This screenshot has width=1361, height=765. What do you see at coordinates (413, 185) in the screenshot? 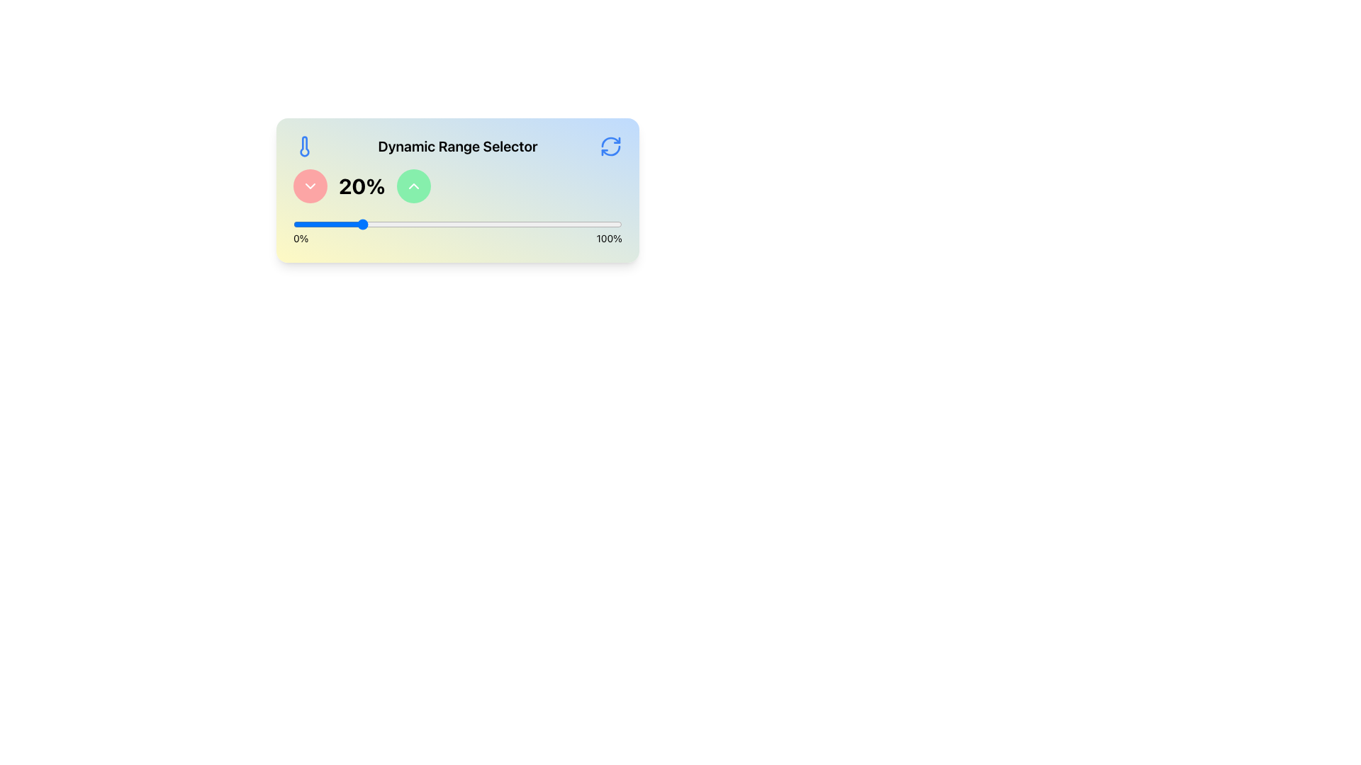
I see `the circular green button with an upward pointing chevron icon to increment the value` at bounding box center [413, 185].